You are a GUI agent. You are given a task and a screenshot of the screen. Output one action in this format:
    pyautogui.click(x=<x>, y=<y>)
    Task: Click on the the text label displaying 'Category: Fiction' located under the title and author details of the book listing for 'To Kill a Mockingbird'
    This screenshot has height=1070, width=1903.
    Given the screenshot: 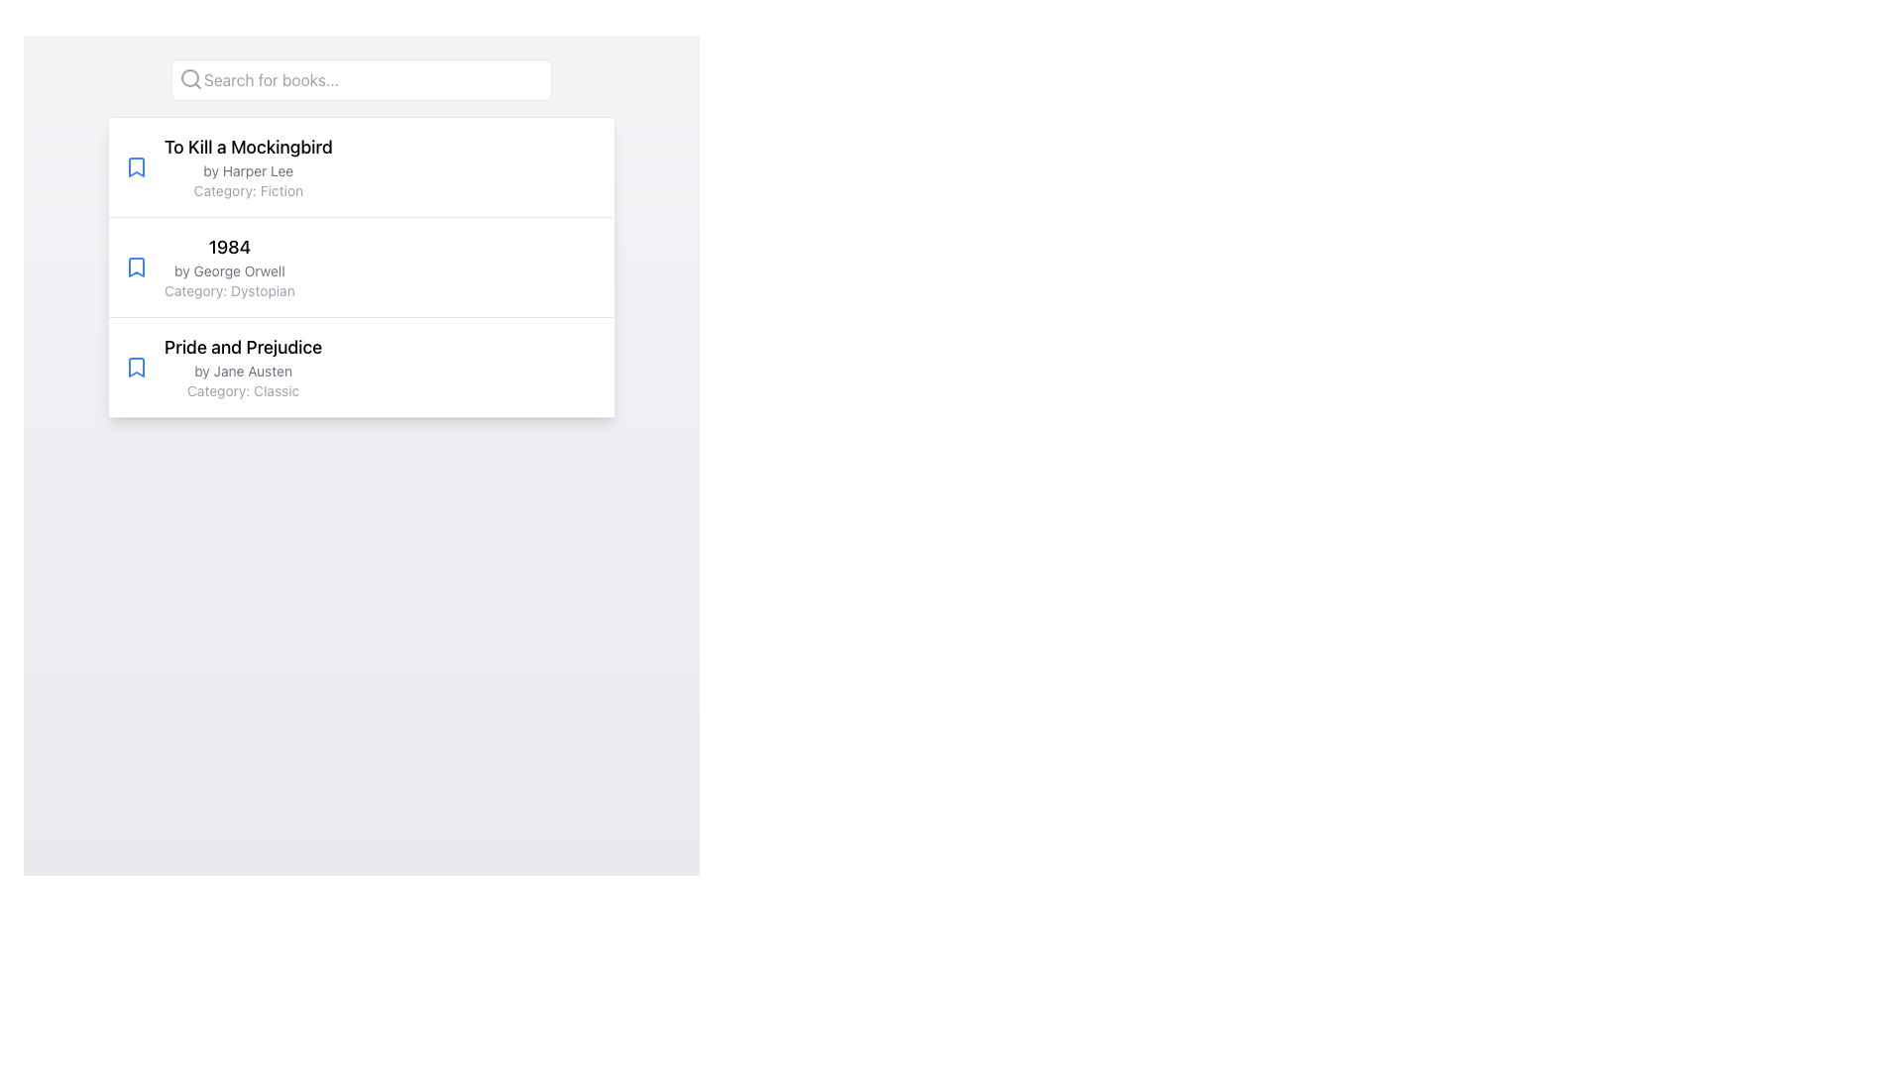 What is the action you would take?
    pyautogui.click(x=247, y=190)
    